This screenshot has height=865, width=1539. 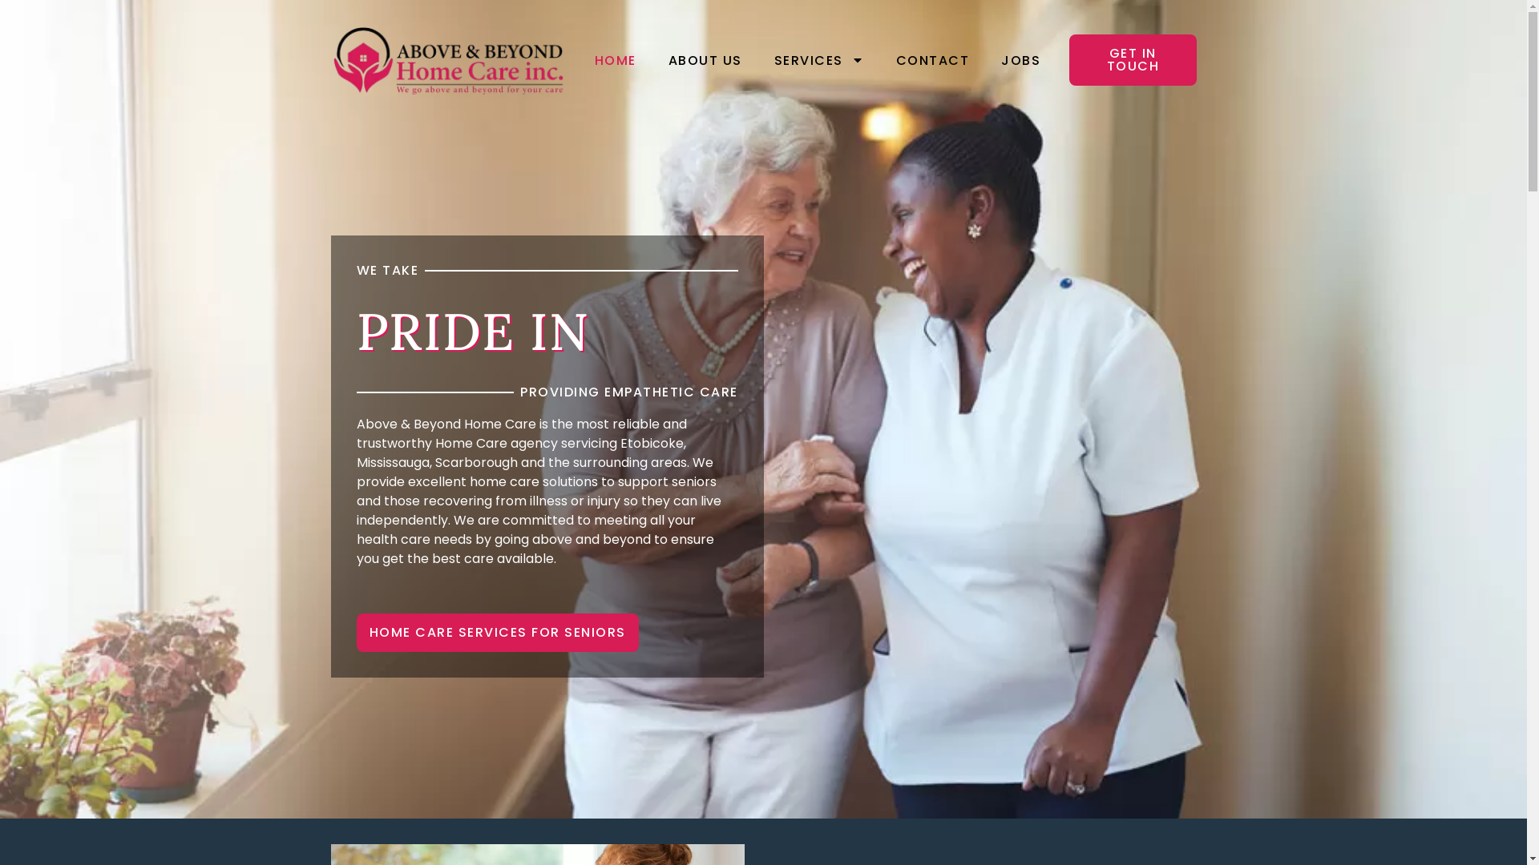 I want to click on 'HOME', so click(x=615, y=59).